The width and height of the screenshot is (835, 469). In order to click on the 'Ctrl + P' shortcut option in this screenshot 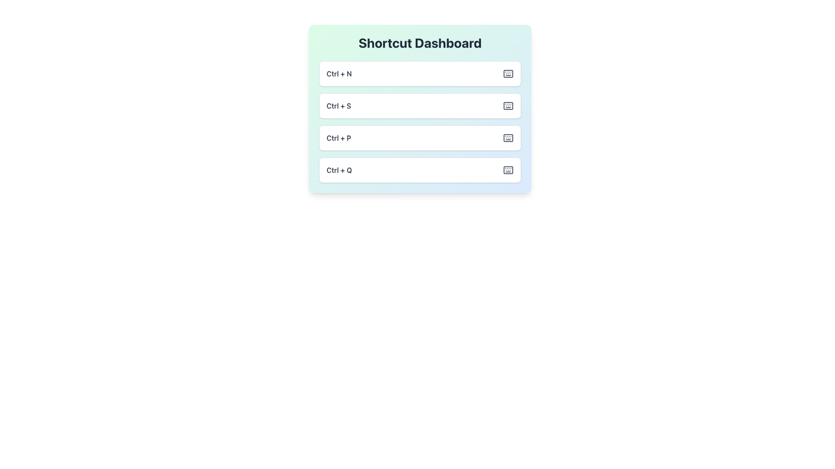, I will do `click(420, 137)`.